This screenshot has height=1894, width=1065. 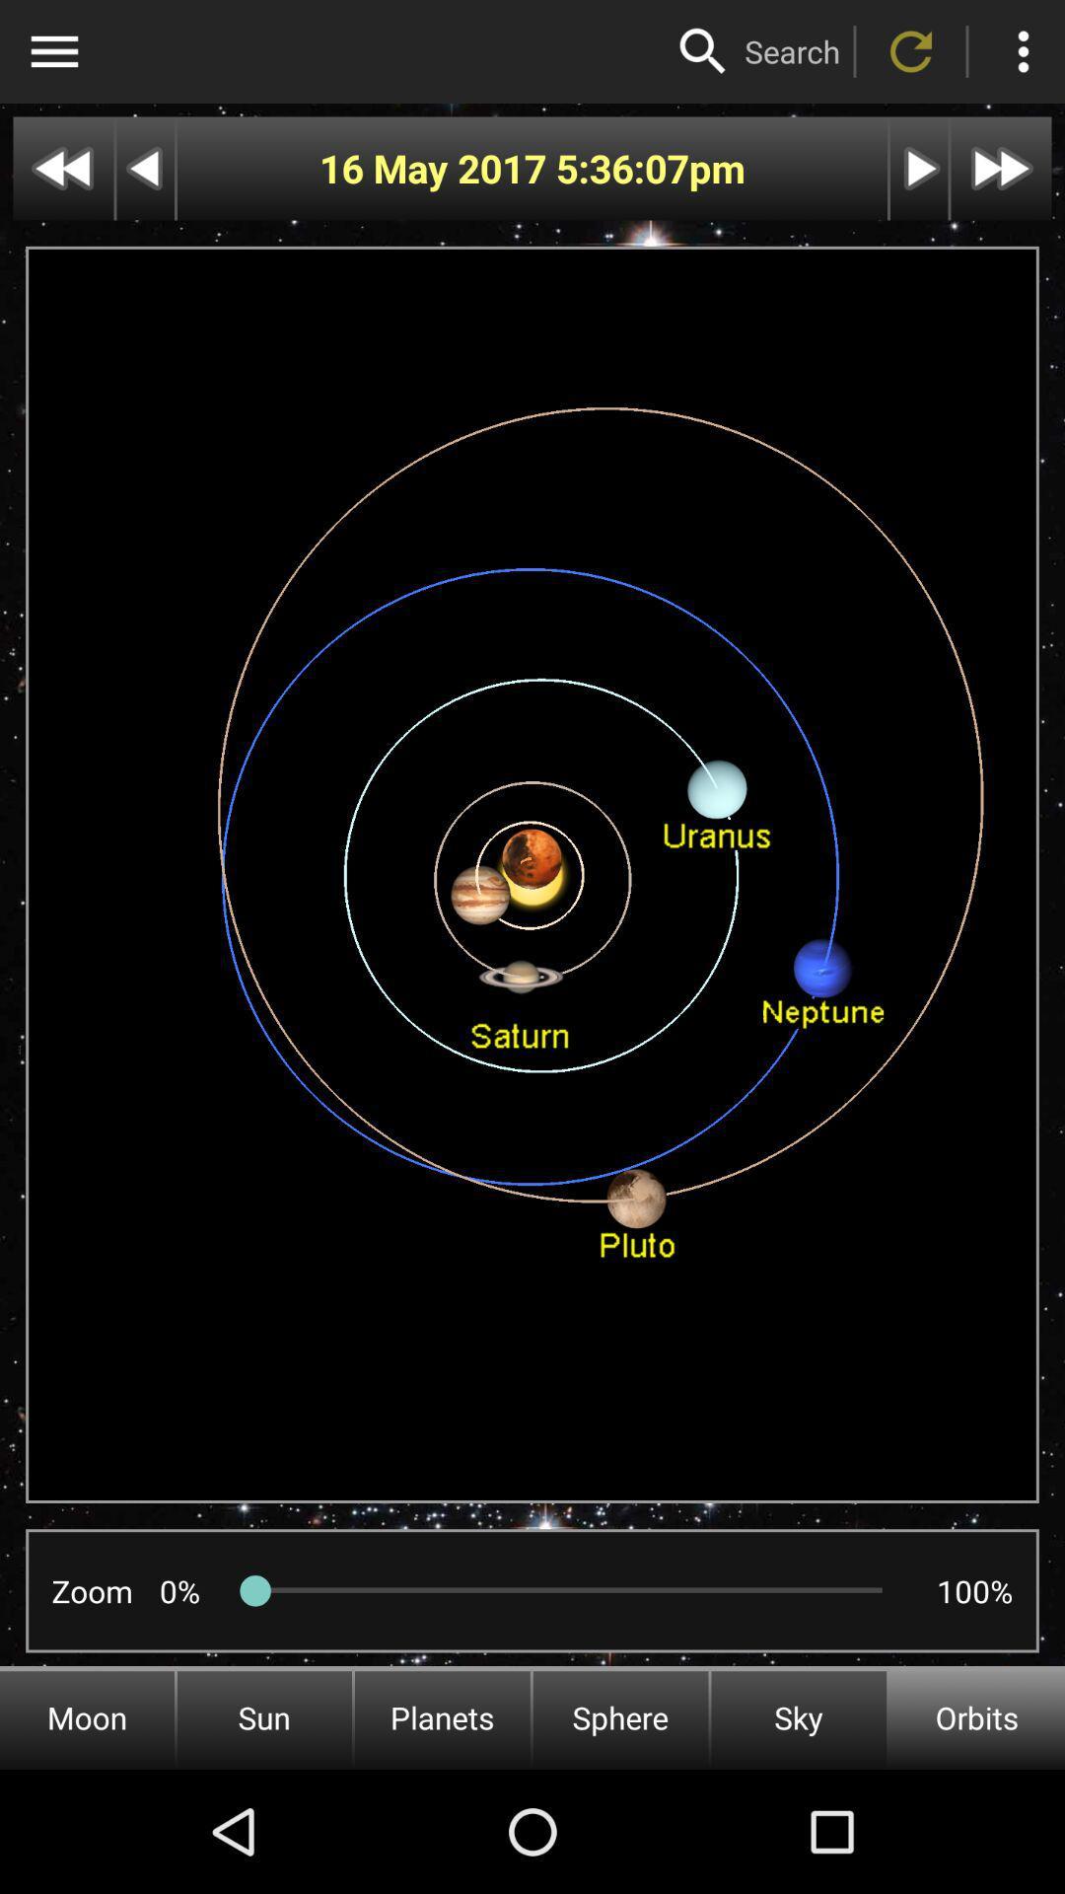 What do you see at coordinates (702, 51) in the screenshot?
I see `the icon above the 5:36:07 icon` at bounding box center [702, 51].